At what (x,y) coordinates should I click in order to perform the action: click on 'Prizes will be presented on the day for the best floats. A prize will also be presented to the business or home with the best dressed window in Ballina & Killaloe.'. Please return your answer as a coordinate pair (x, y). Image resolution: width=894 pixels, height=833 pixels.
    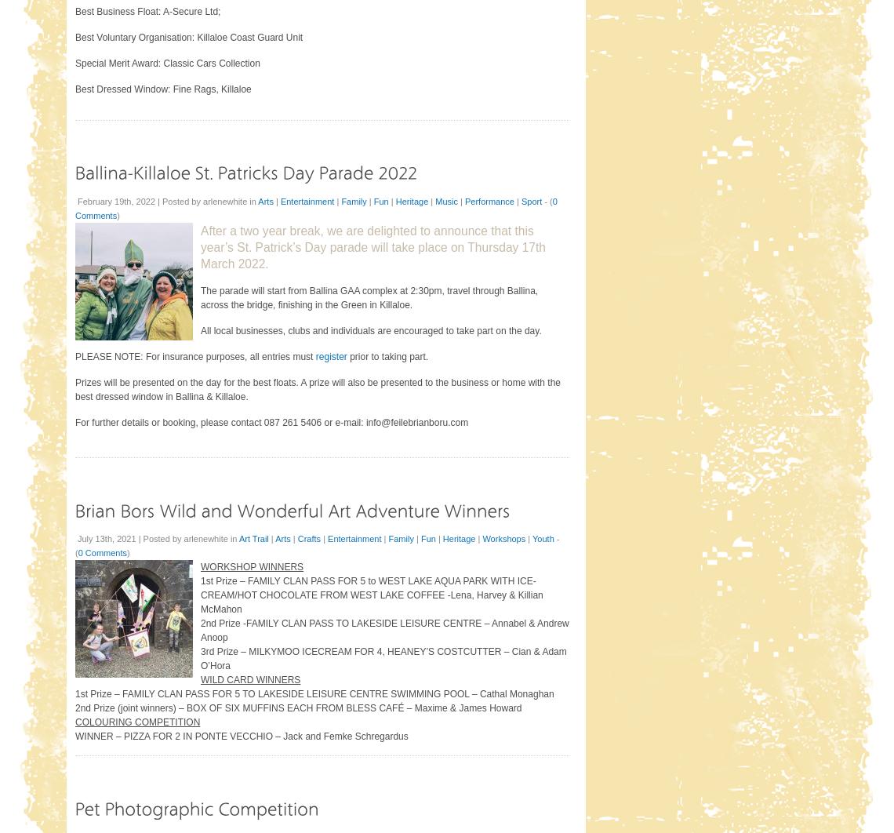
    Looking at the image, I should click on (317, 387).